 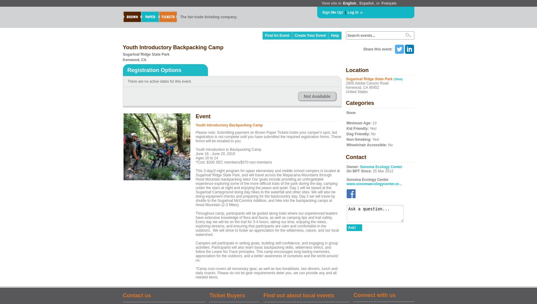 What do you see at coordinates (345, 12) in the screenshot?
I see `'|'` at bounding box center [345, 12].